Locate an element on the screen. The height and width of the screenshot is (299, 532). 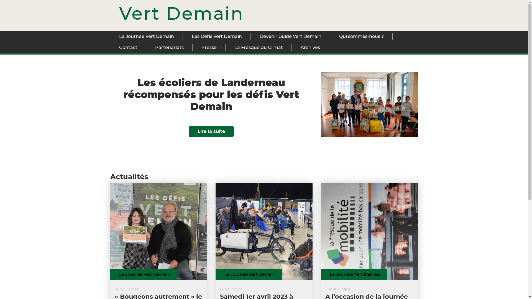
'Vert Demain' is located at coordinates (181, 13).